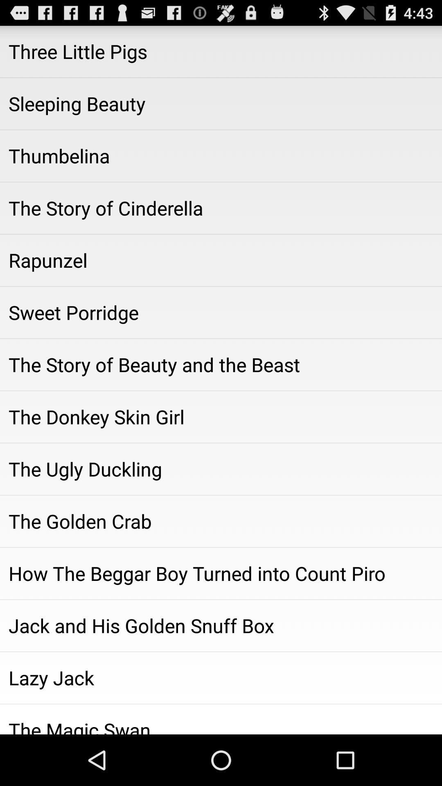 The width and height of the screenshot is (442, 786). What do you see at coordinates (221, 573) in the screenshot?
I see `the item above jack and his` at bounding box center [221, 573].